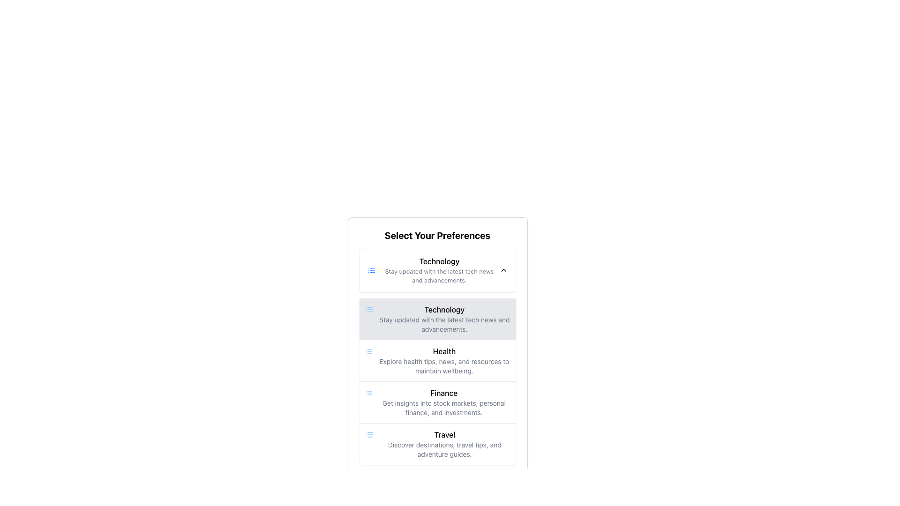  I want to click on the 'Technology' preference icon located to the left of the 'Technology' text in the settings interface, so click(371, 270).